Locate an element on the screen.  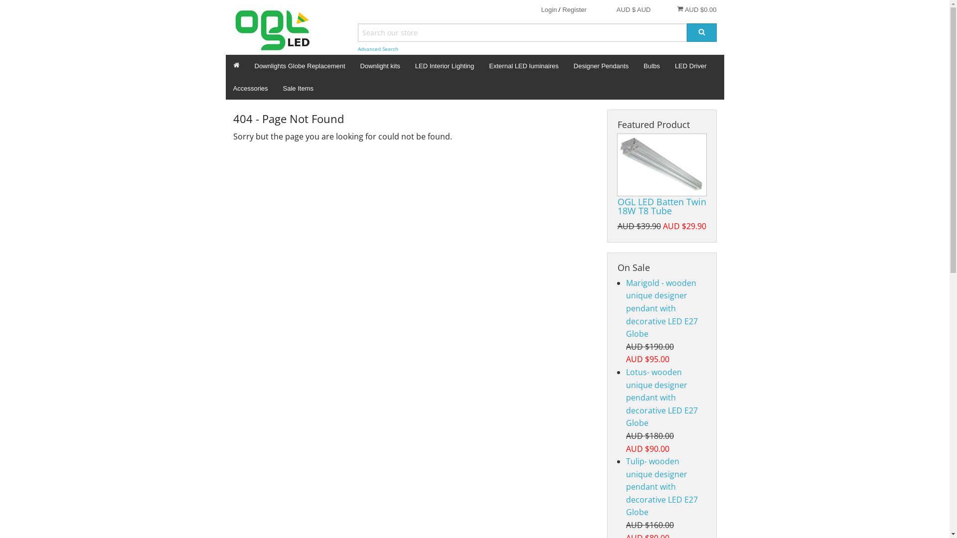
'Login' is located at coordinates (549, 9).